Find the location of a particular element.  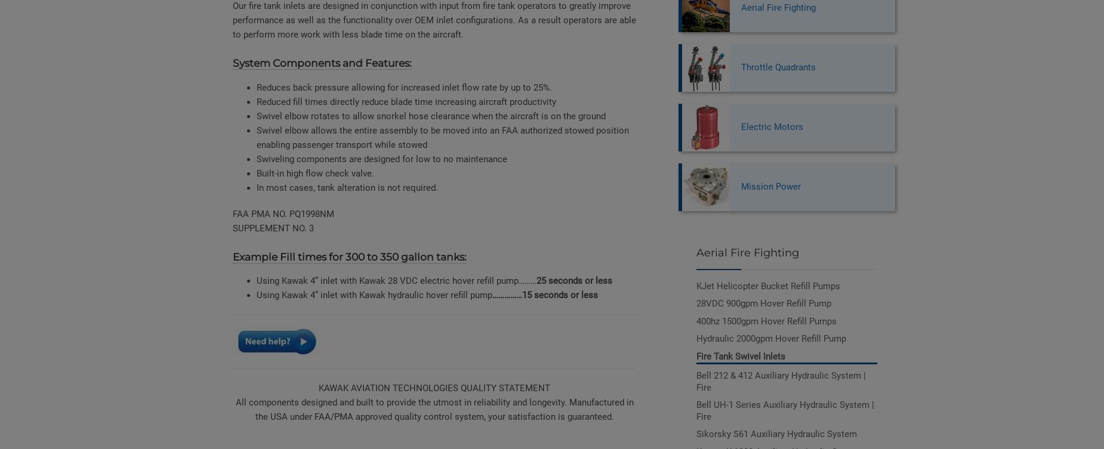

'In most cases, tank alteration is not required.' is located at coordinates (347, 187).